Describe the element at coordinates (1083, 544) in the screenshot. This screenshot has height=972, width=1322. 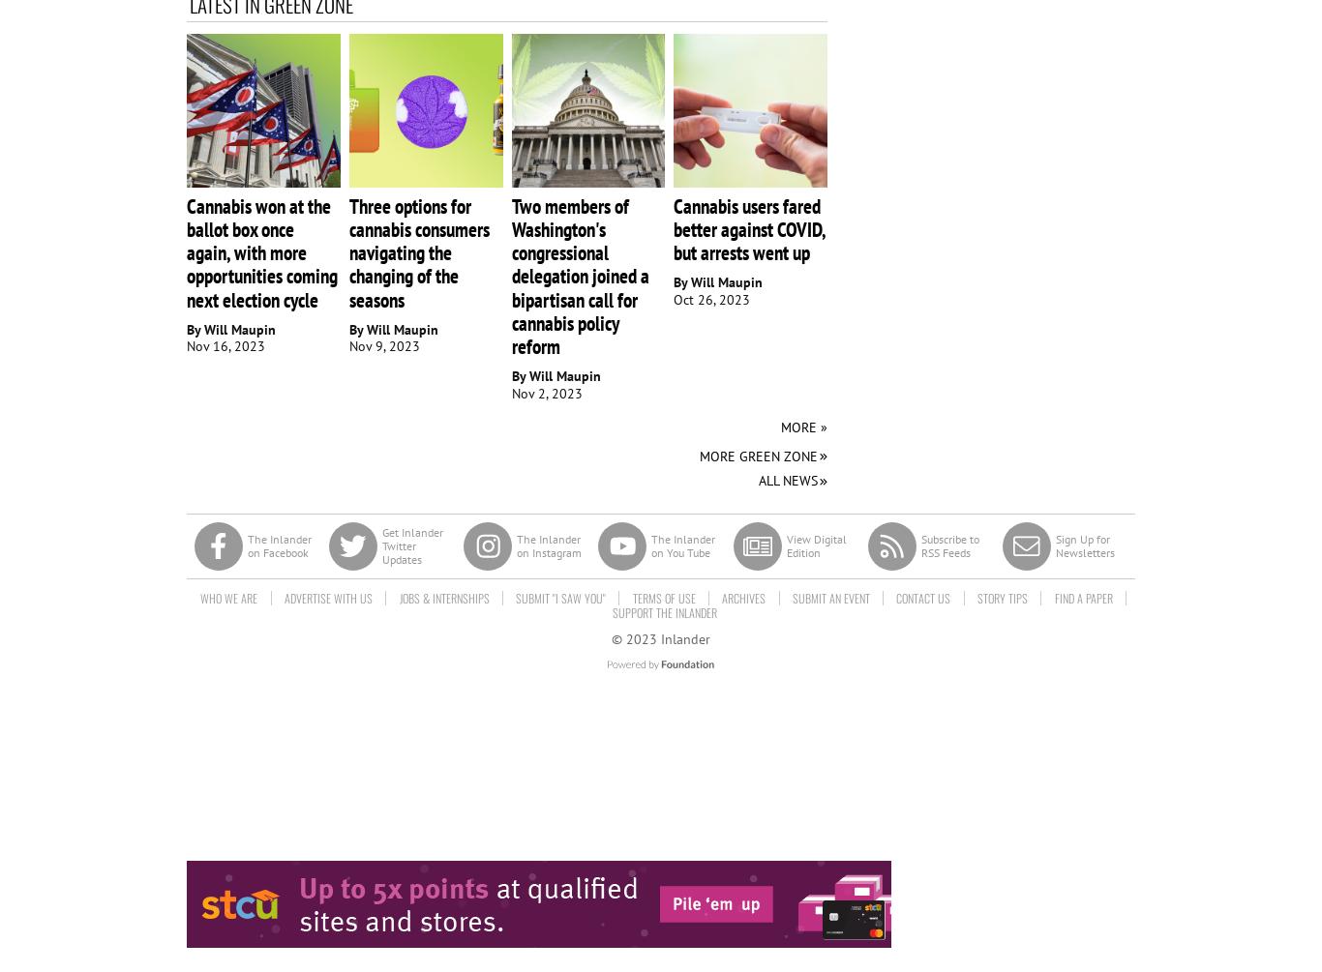
I see `'Sign Up for Newsletters'` at that location.